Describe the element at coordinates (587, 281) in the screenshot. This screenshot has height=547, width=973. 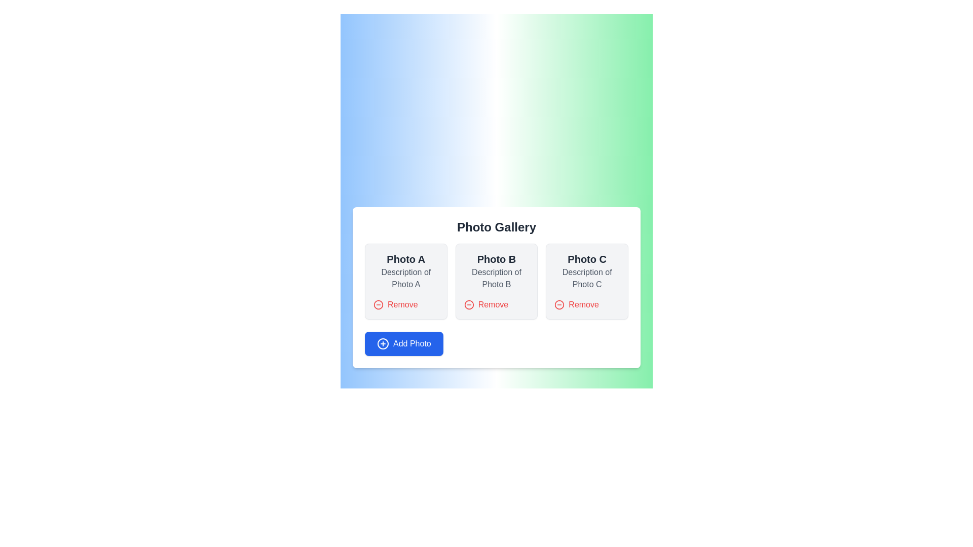
I see `the card displaying details about 'Photo C', which is the third card in a grid layout next to 'Photo B'` at that location.